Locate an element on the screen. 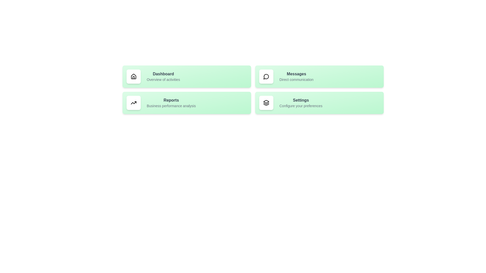 This screenshot has width=486, height=273. the list item corresponding to Messages is located at coordinates (319, 77).